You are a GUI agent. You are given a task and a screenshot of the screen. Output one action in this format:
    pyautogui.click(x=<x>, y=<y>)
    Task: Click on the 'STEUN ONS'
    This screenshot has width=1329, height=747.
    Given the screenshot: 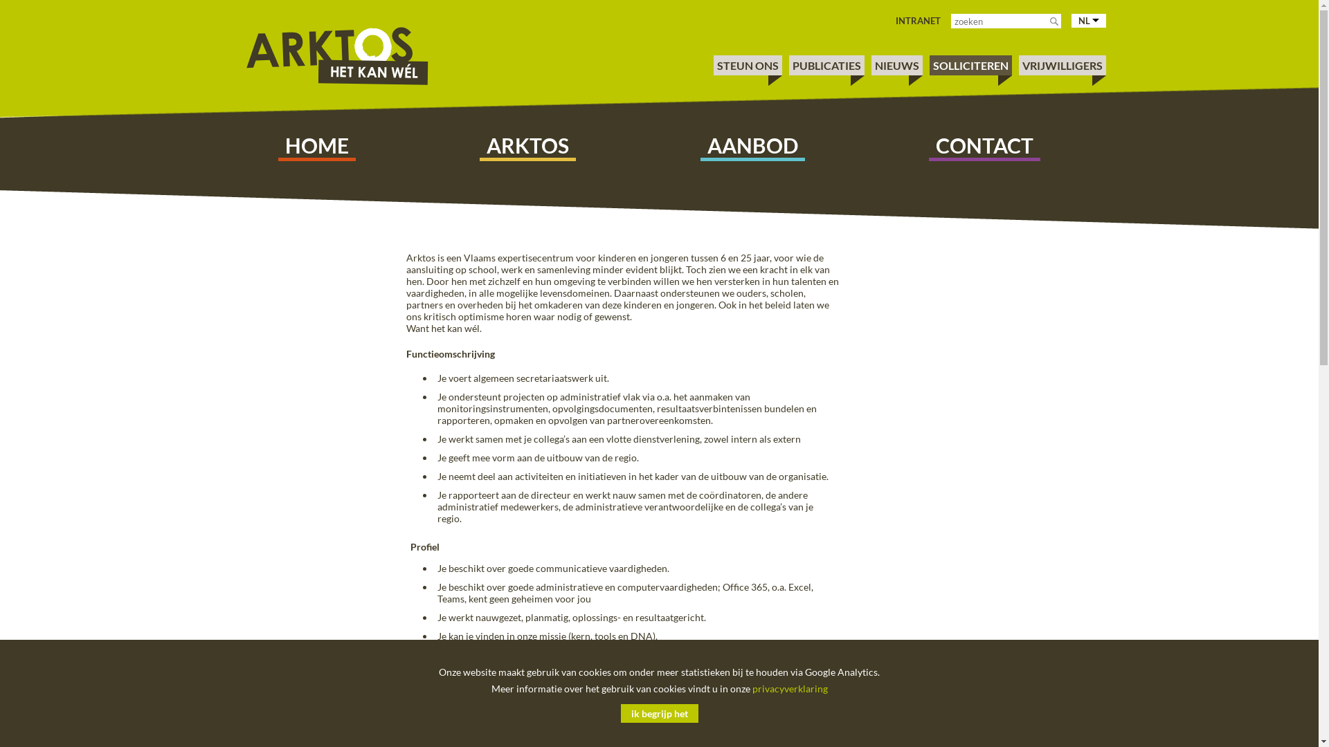 What is the action you would take?
    pyautogui.click(x=717, y=65)
    